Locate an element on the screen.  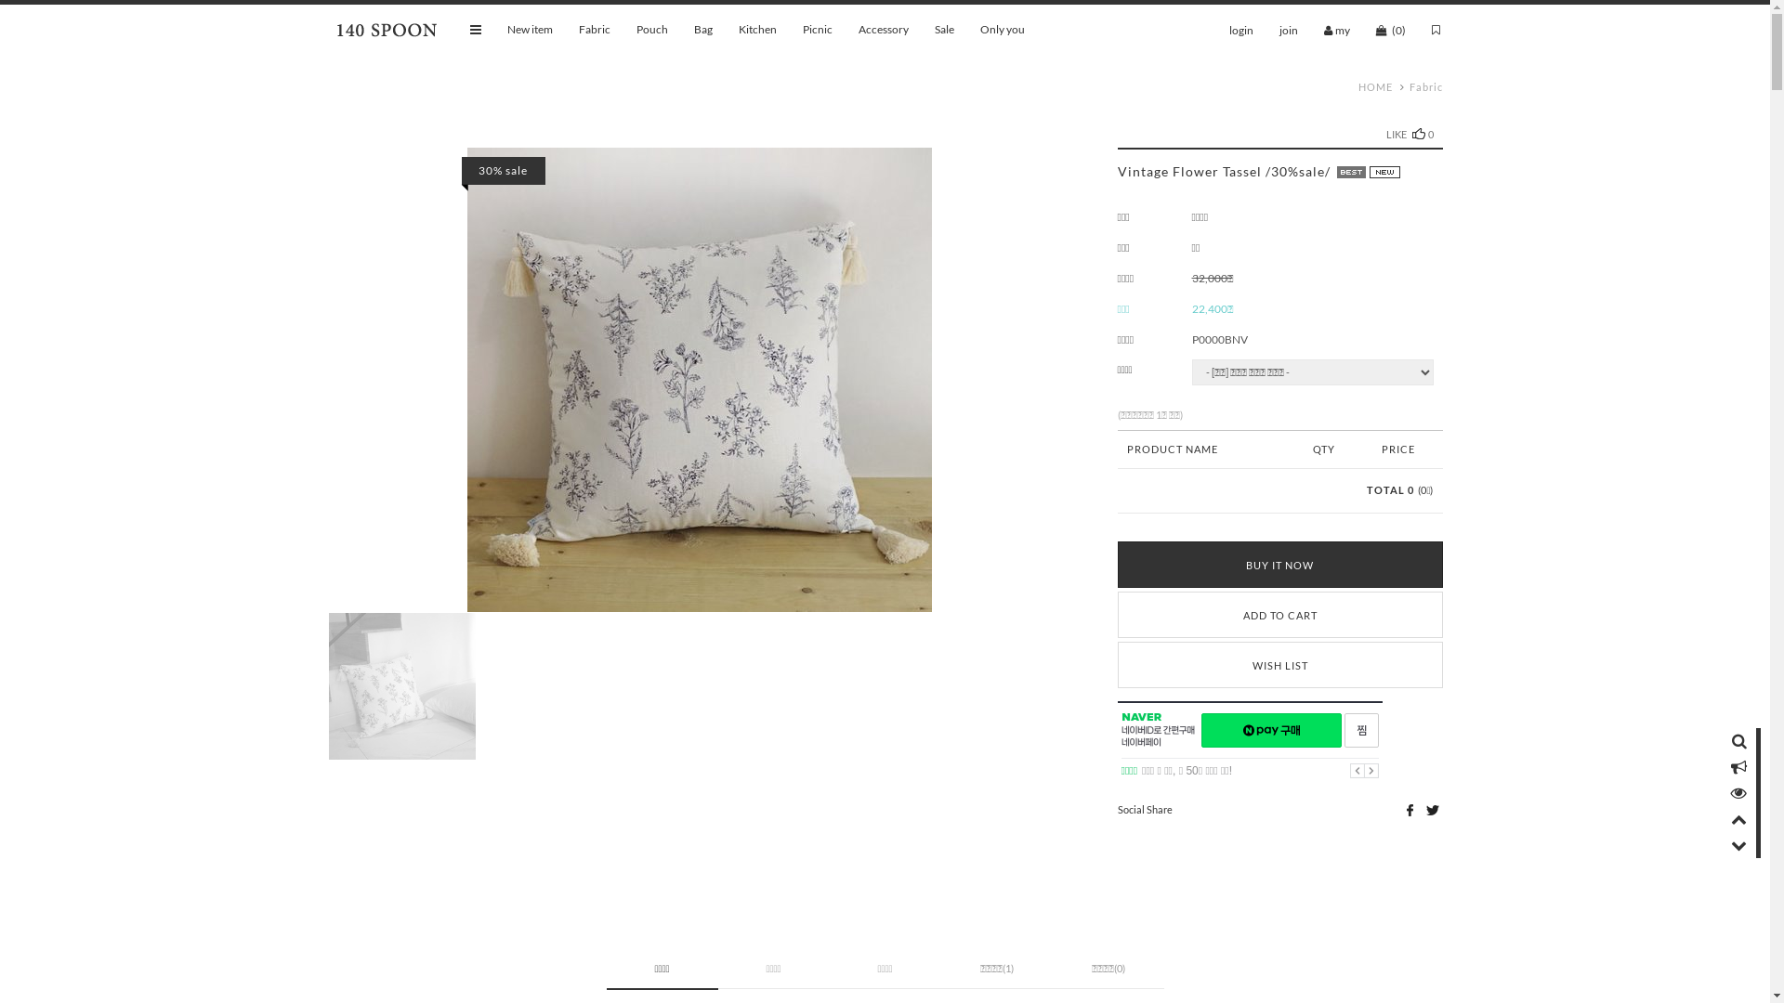
'my' is located at coordinates (1335, 29).